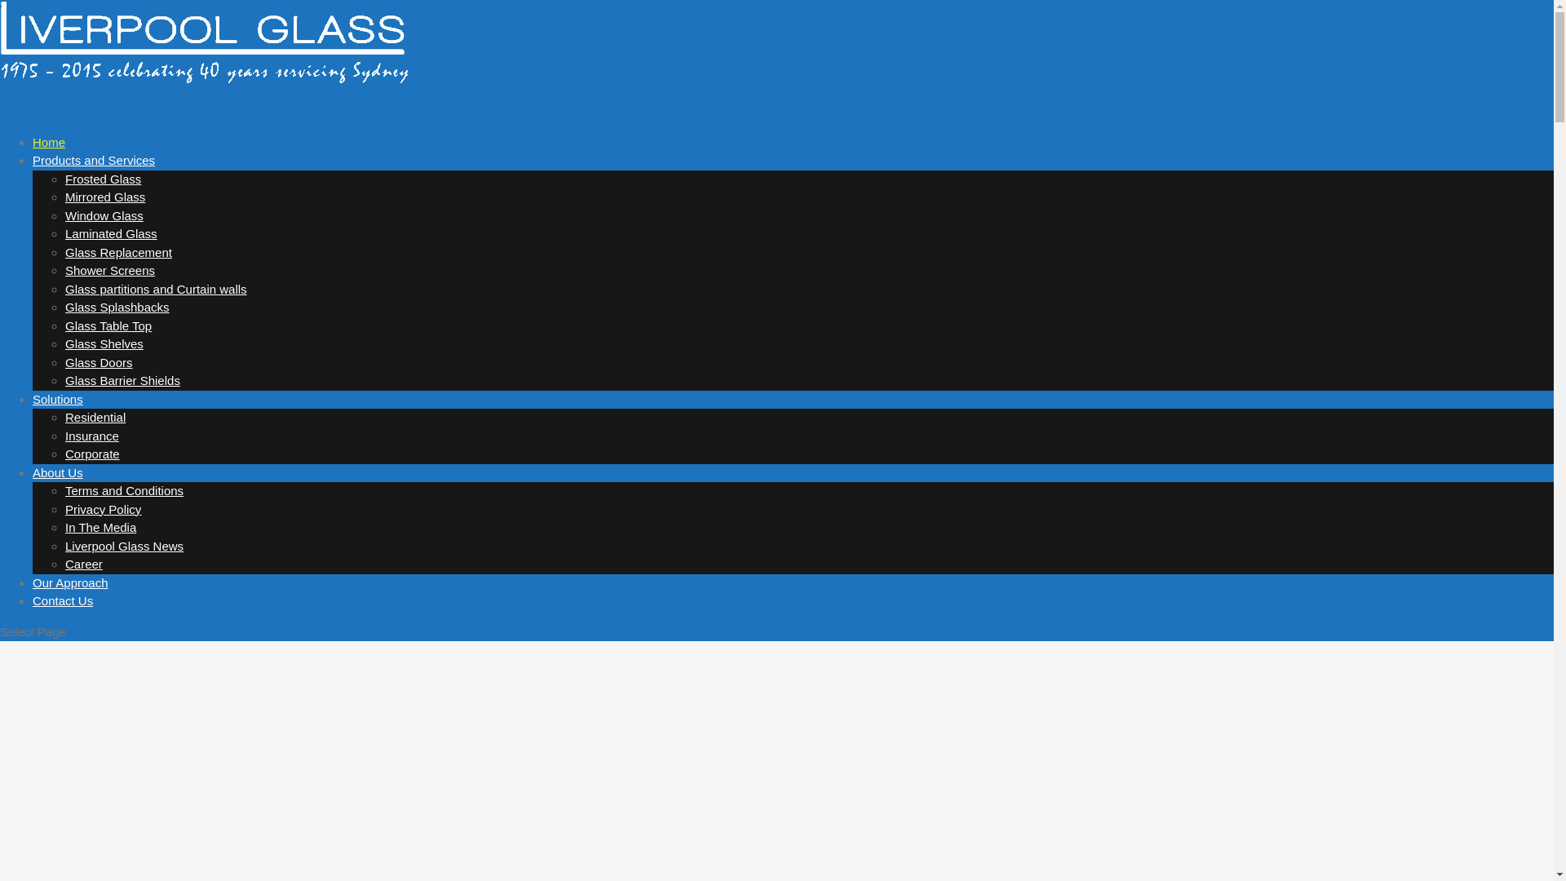 This screenshot has height=881, width=1566. What do you see at coordinates (32, 617) in the screenshot?
I see `'Contact Us'` at bounding box center [32, 617].